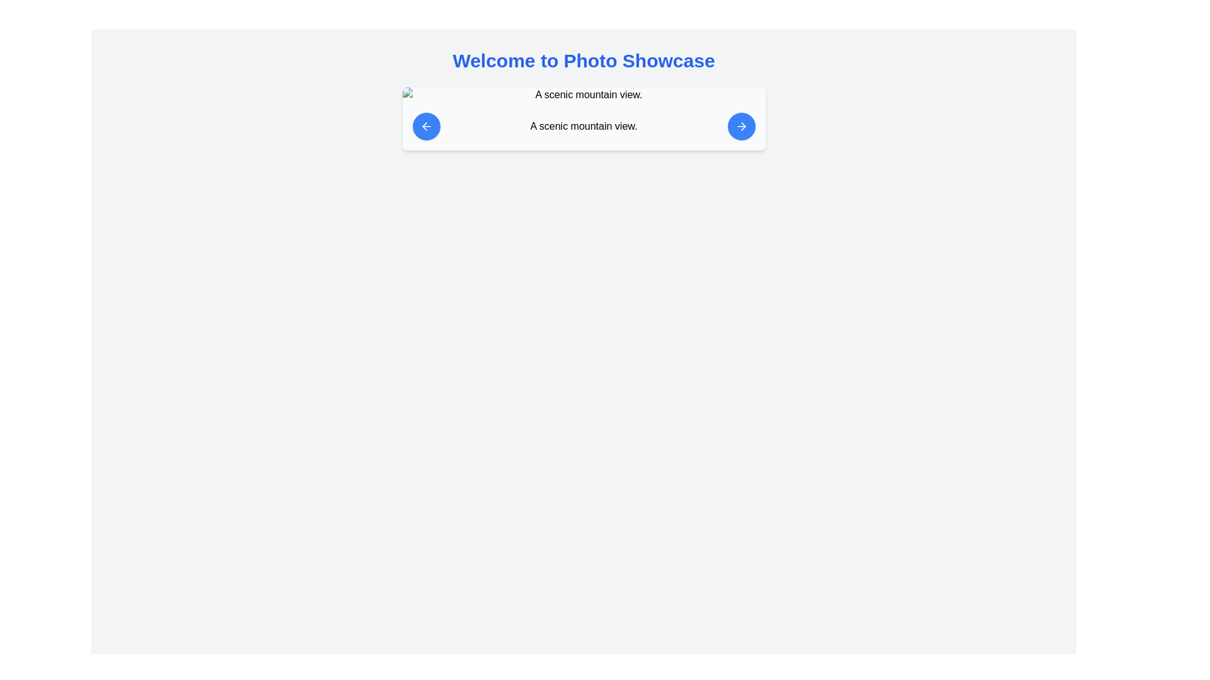  Describe the element at coordinates (583, 60) in the screenshot. I see `the Text Header element, which serves as the title or heading for the page, located at the top center of the interface` at that location.